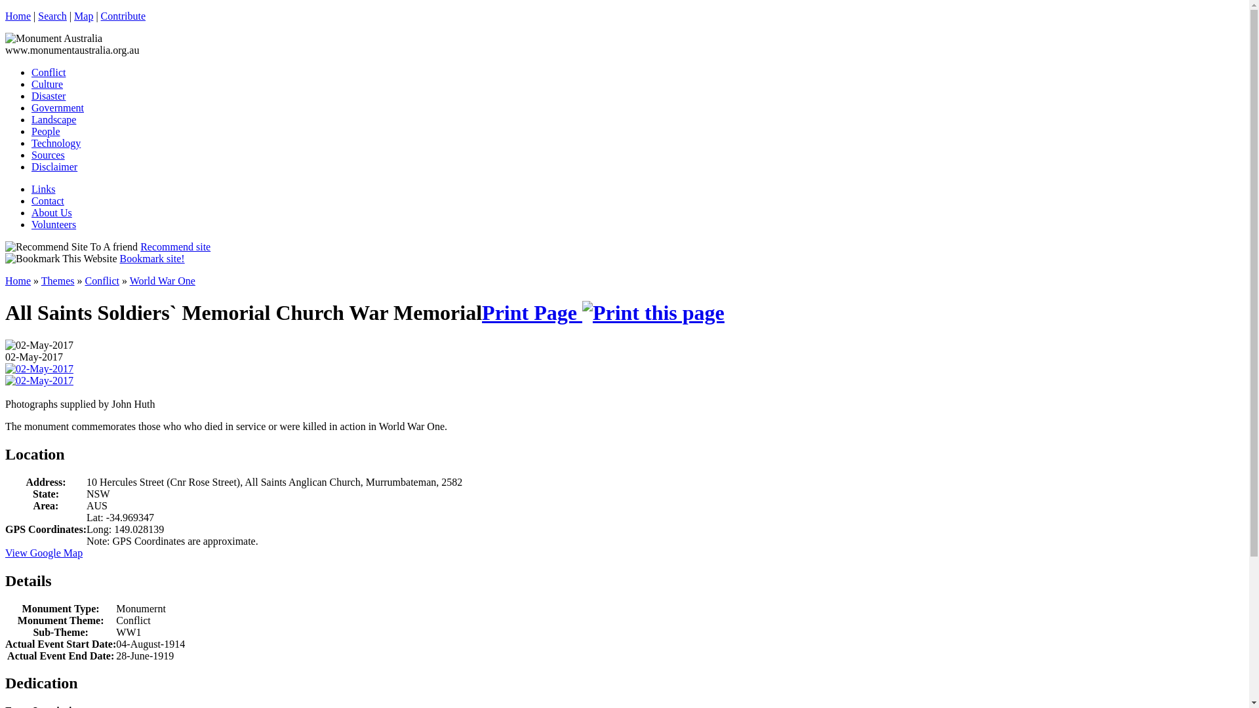 Image resolution: width=1259 pixels, height=708 pixels. What do you see at coordinates (56, 107) in the screenshot?
I see `'Government'` at bounding box center [56, 107].